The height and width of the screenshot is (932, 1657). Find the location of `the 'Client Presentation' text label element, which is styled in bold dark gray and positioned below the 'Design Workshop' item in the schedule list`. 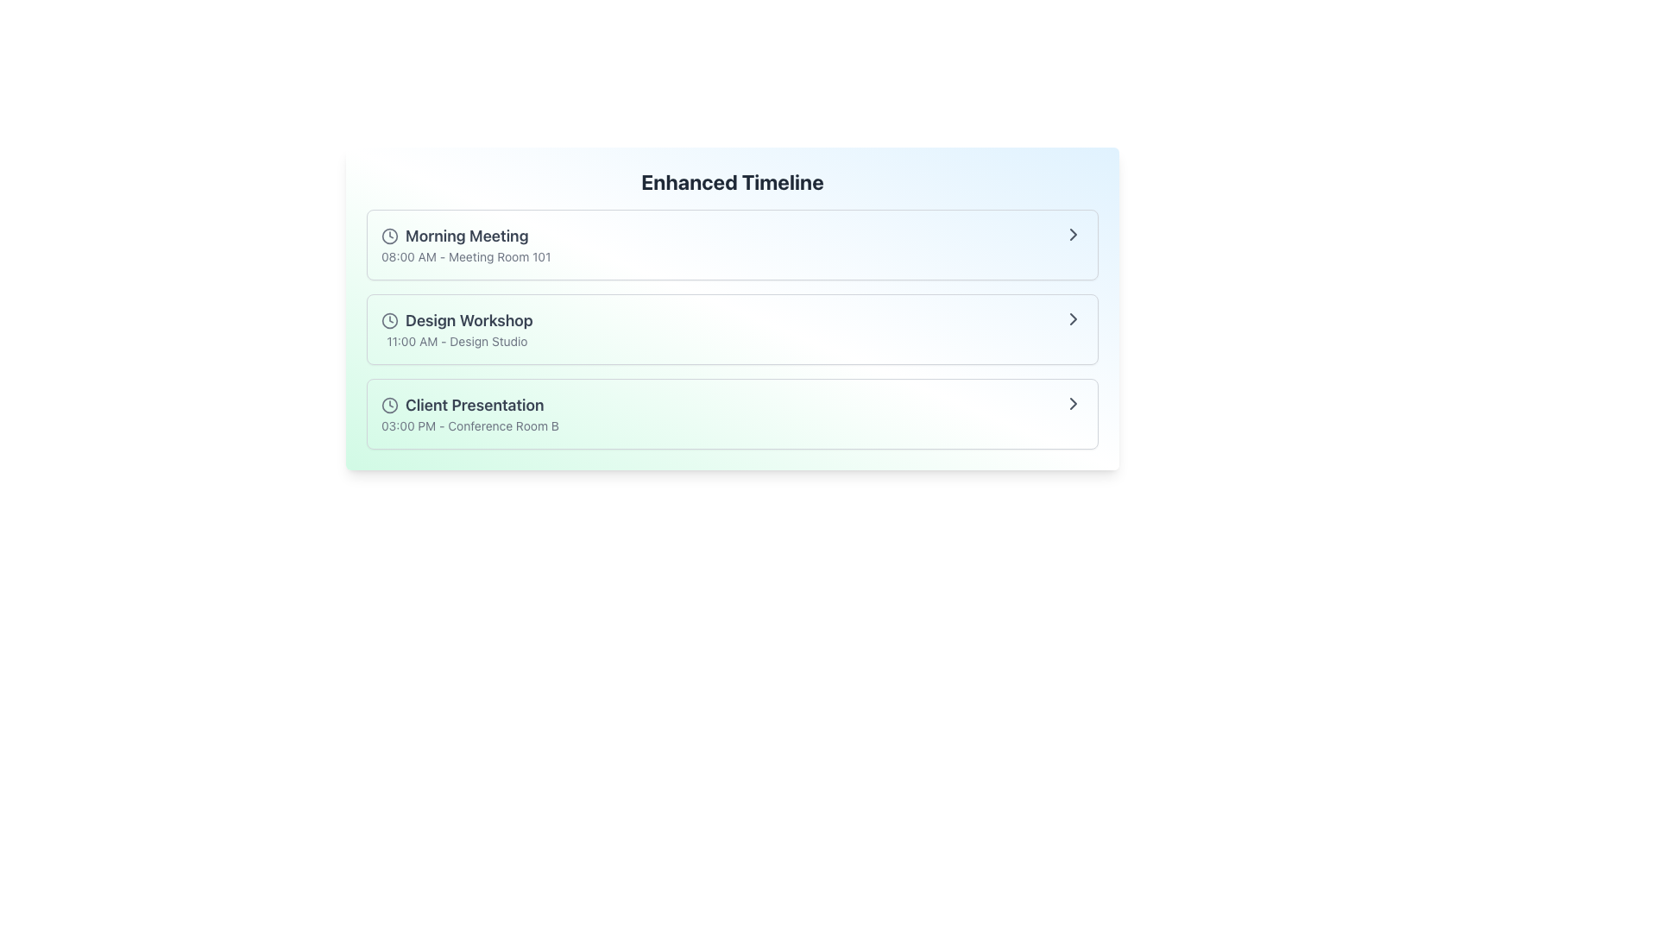

the 'Client Presentation' text label element, which is styled in bold dark gray and positioned below the 'Design Workshop' item in the schedule list is located at coordinates (469, 406).